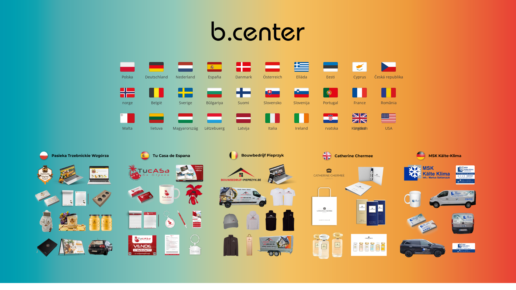 The height and width of the screenshot is (290, 516). What do you see at coordinates (122, 103) in the screenshot?
I see `'norge'` at bounding box center [122, 103].